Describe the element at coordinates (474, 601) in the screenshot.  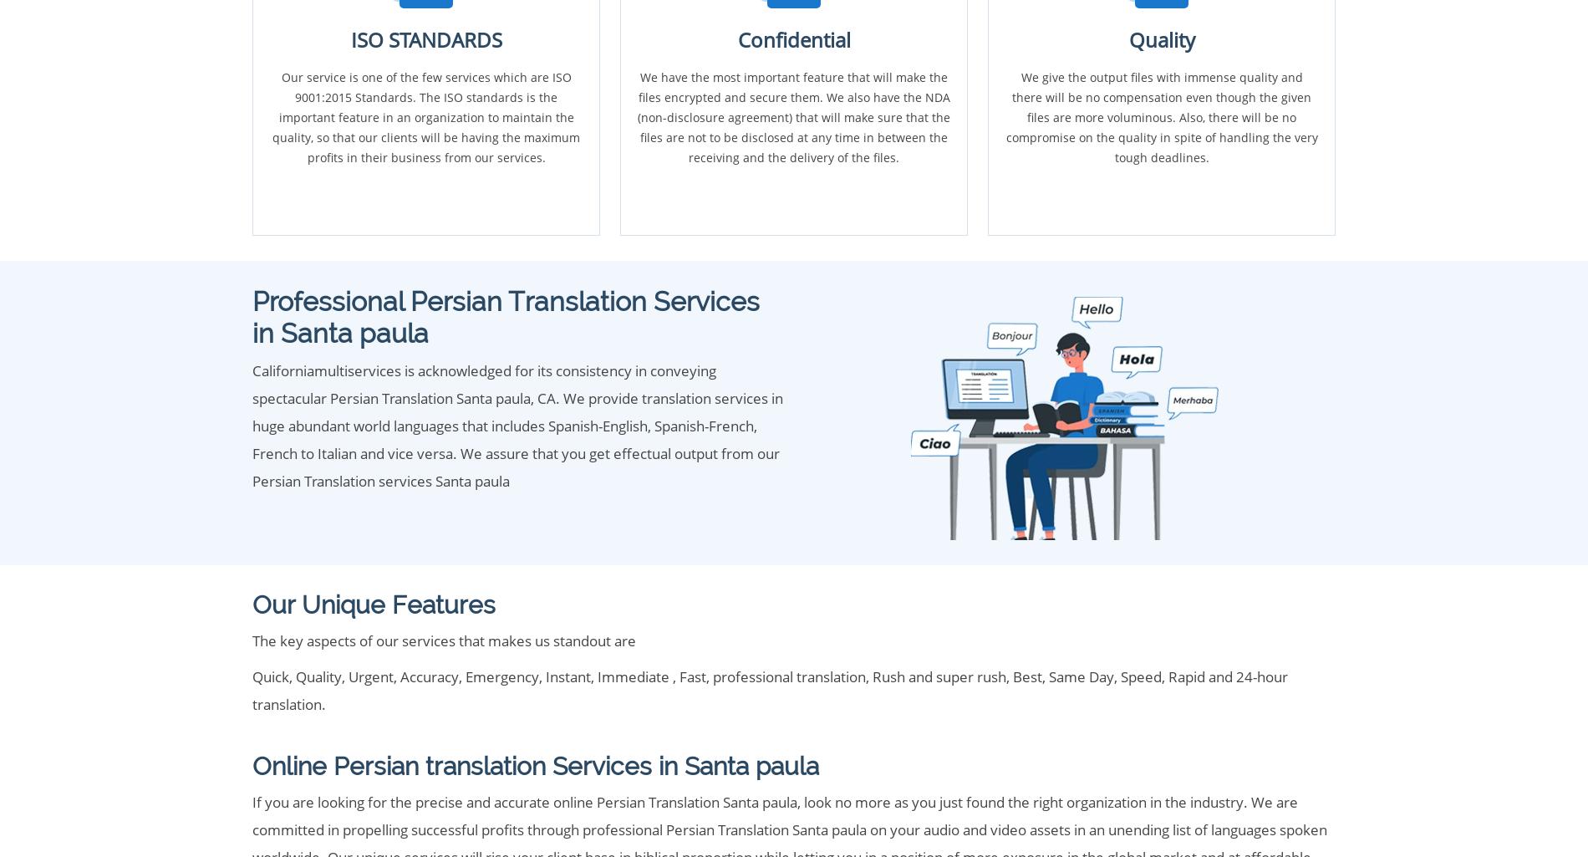
I see `'From xml, html, txt, jpg, giff, docx, word, doc, ppt, xls, pdf, and more.'` at that location.